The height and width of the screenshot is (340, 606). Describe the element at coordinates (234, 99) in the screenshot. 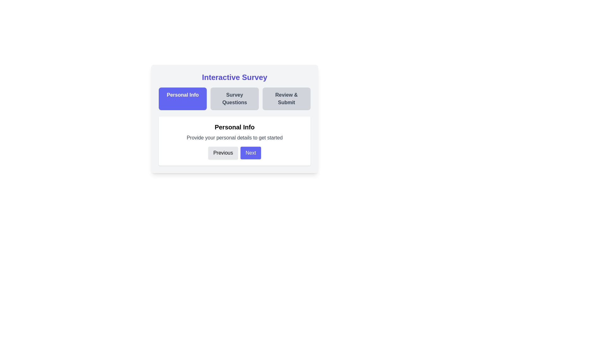

I see `the step title Survey Questions to navigate to the corresponding step` at that location.